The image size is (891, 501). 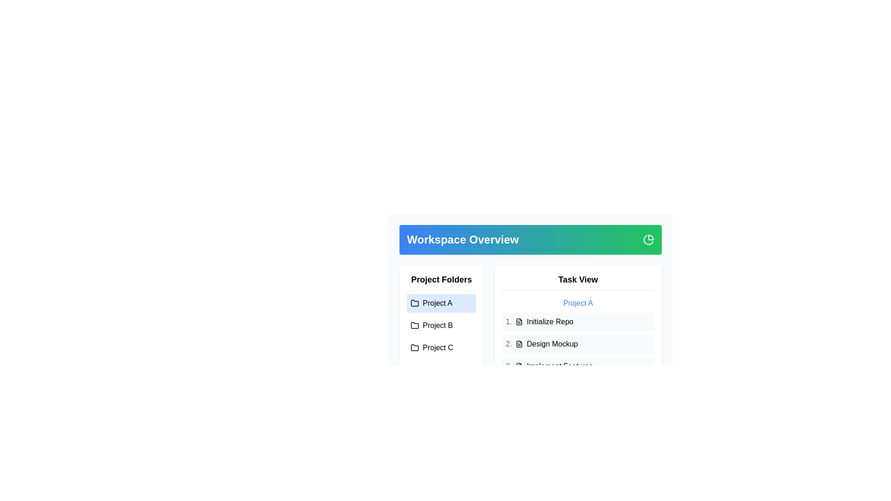 I want to click on the folder icon located in the 'Project Folders' section next to the label 'Project A', so click(x=414, y=302).